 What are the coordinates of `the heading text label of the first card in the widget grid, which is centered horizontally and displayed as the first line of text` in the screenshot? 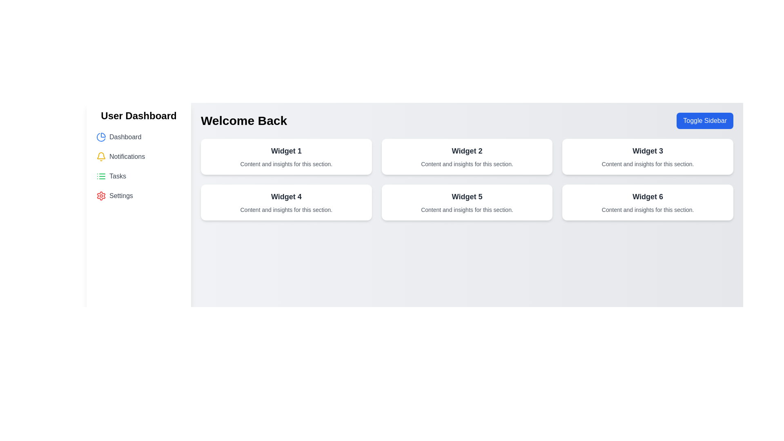 It's located at (286, 151).